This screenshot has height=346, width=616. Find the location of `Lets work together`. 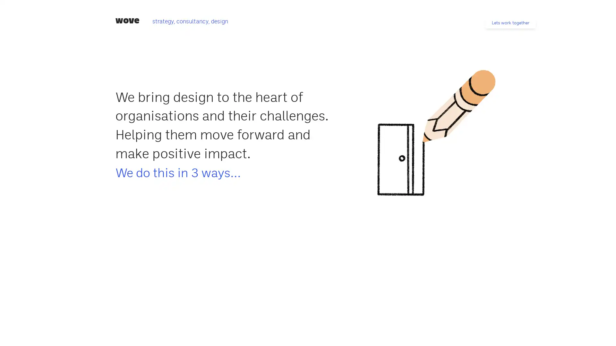

Lets work together is located at coordinates (510, 22).